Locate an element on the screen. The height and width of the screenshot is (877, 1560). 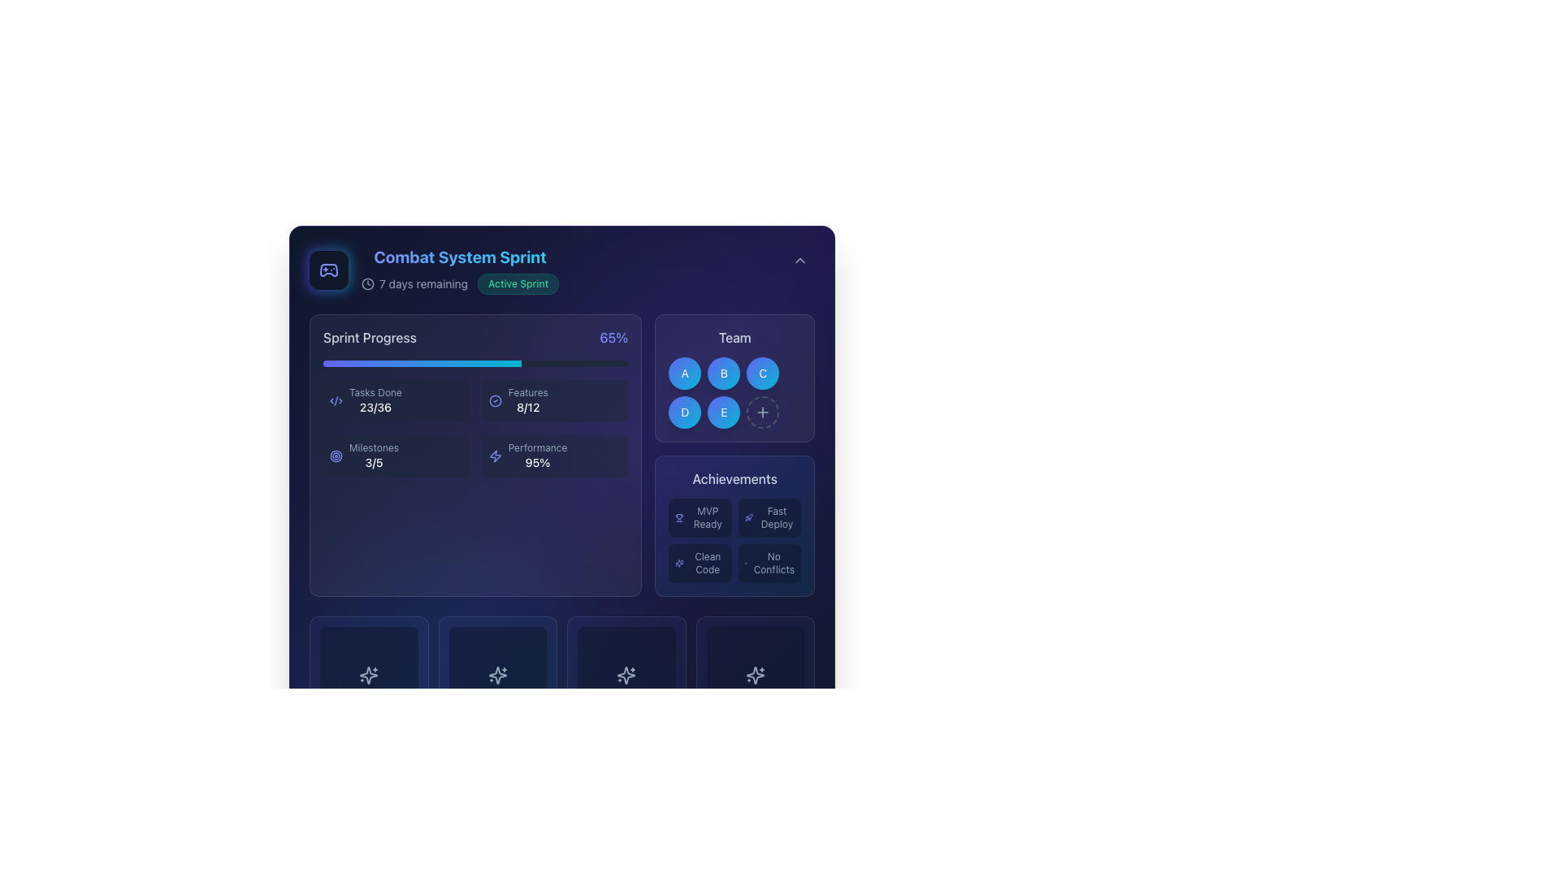
the associated buttons within the first section of the Informational Block that displays sprint information, including title, time left, and status is located at coordinates (561, 269).